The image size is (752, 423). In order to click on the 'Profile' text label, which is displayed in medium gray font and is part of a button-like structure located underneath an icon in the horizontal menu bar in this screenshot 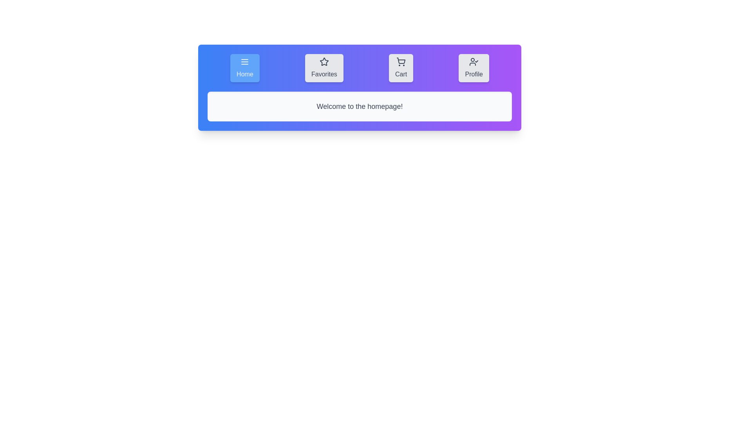, I will do `click(474, 74)`.